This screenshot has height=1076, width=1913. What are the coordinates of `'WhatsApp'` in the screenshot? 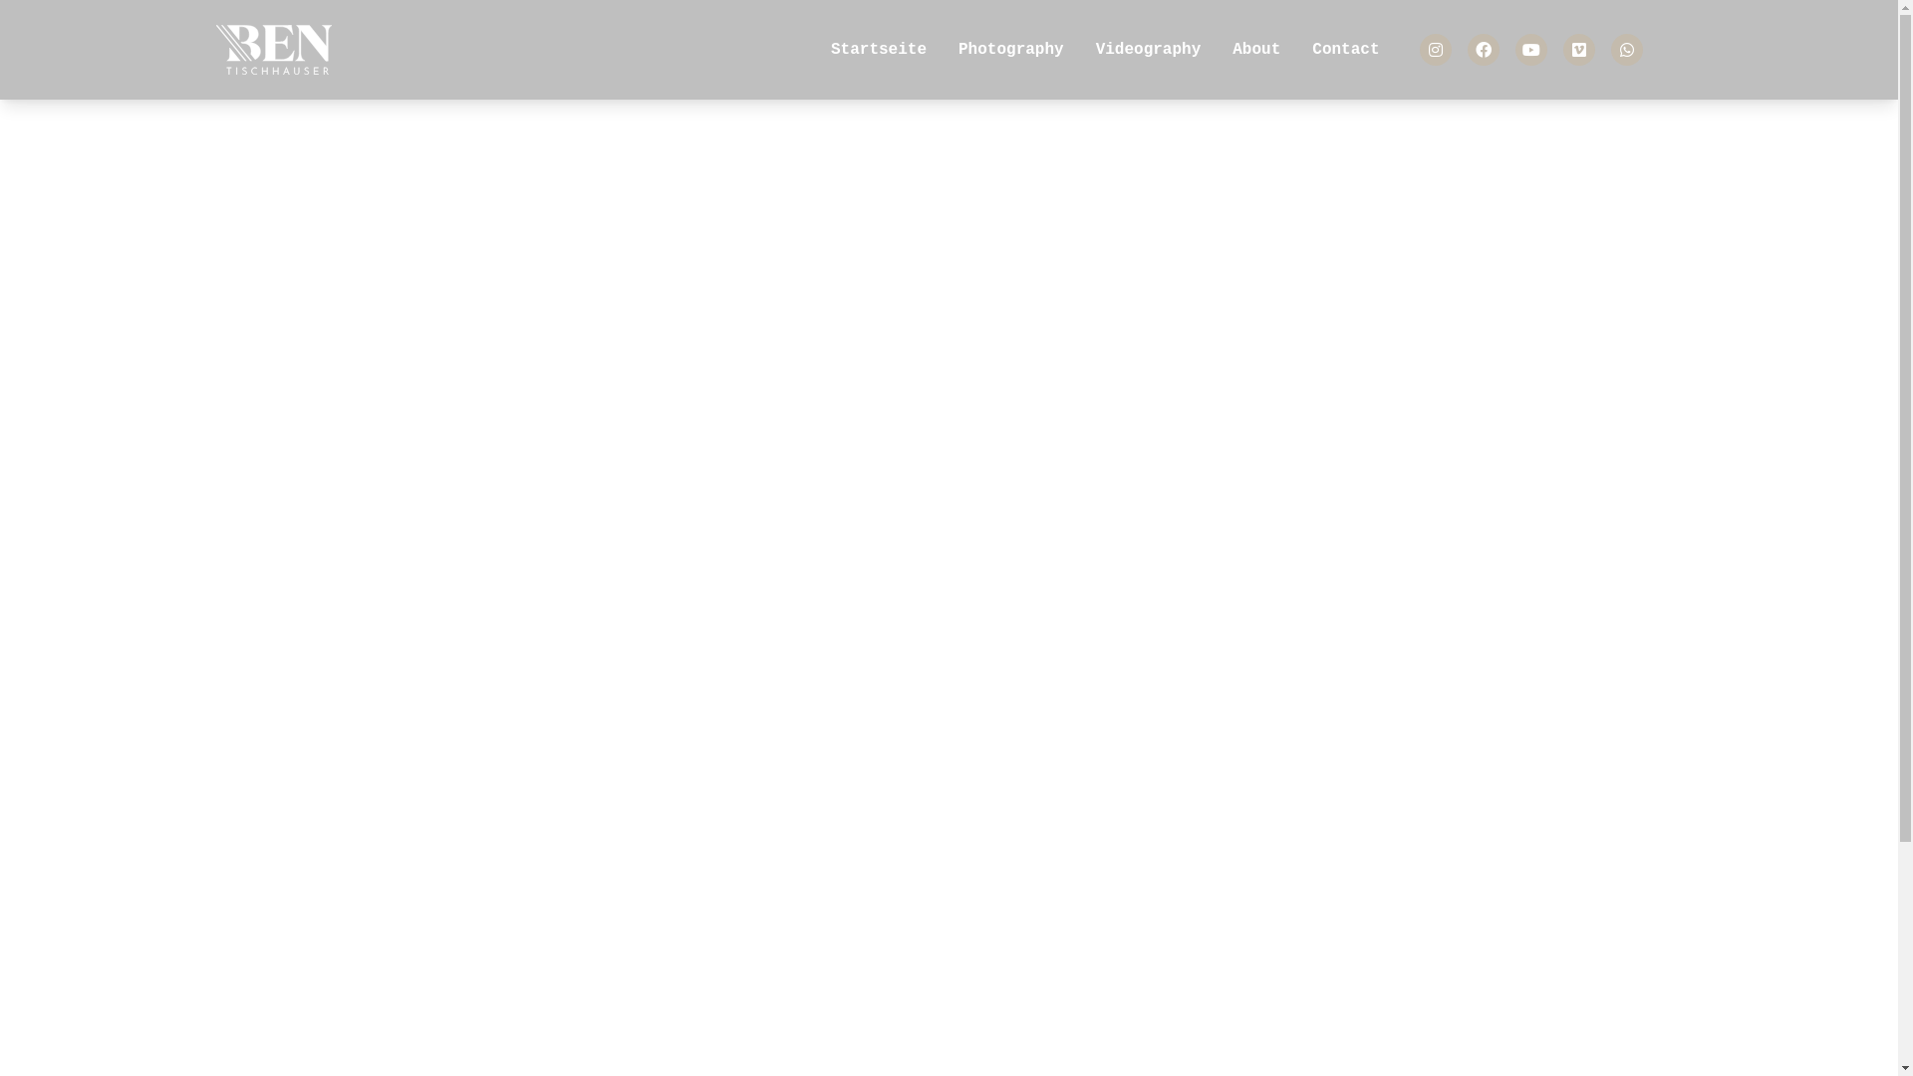 It's located at (1626, 49).